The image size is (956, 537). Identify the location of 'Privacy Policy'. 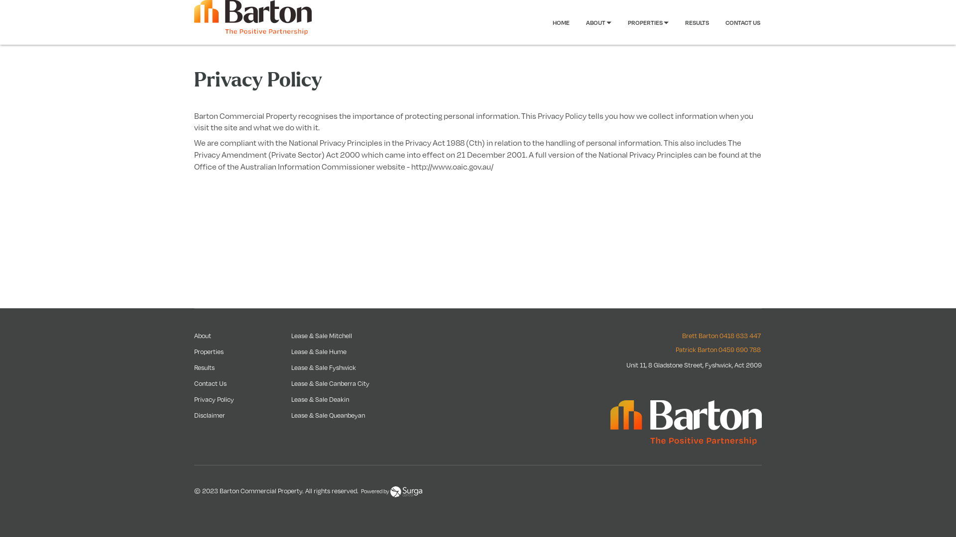
(214, 398).